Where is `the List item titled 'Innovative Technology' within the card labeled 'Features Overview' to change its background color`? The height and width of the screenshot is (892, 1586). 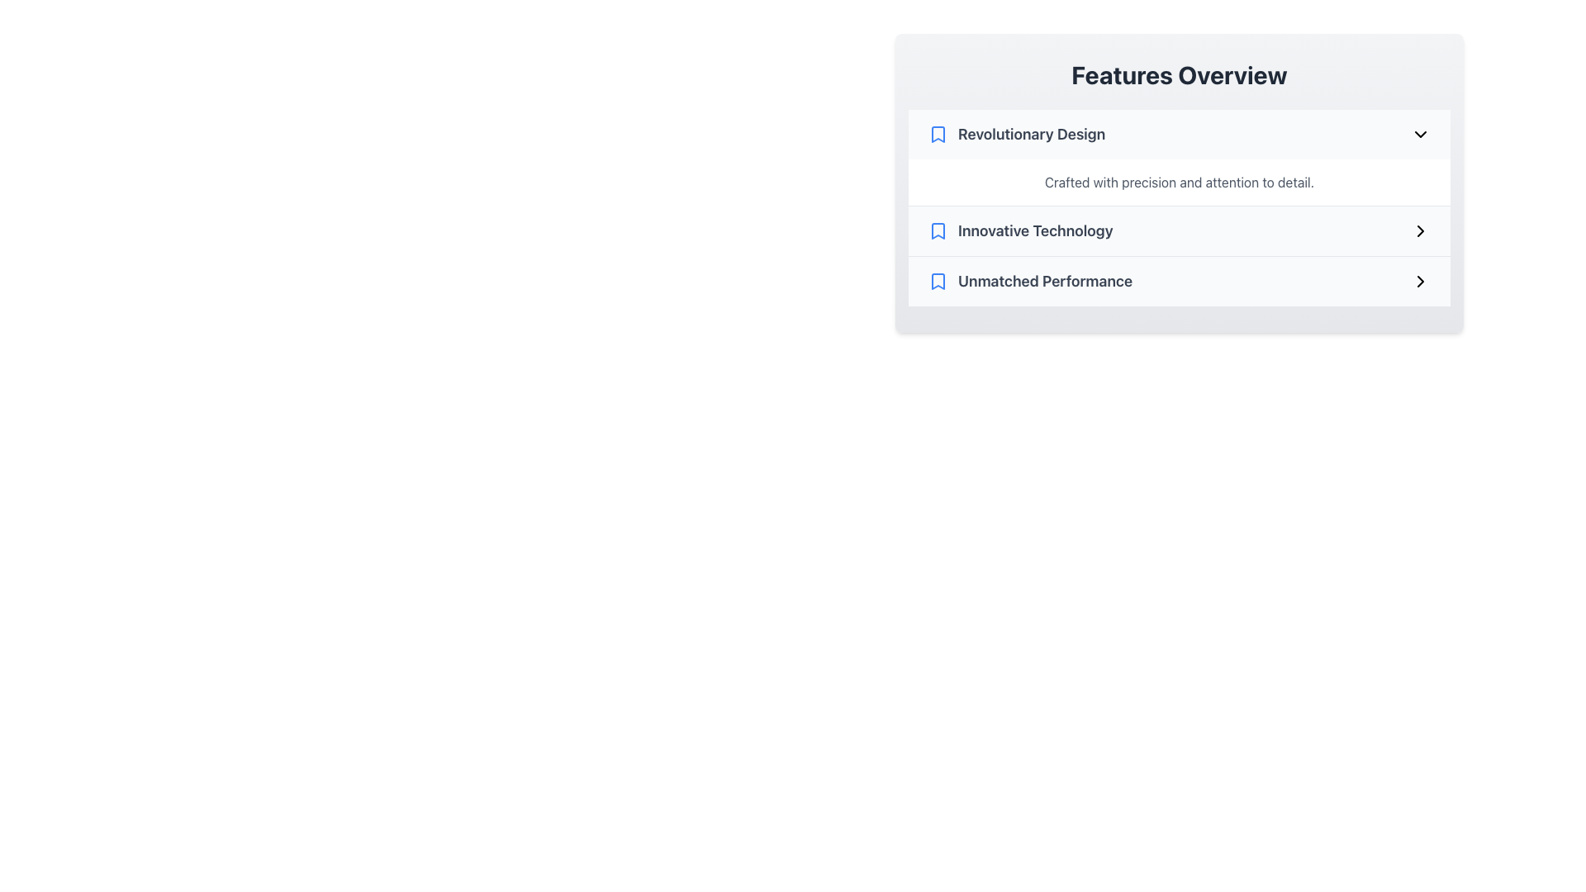 the List item titled 'Innovative Technology' within the card labeled 'Features Overview' to change its background color is located at coordinates (1179, 231).